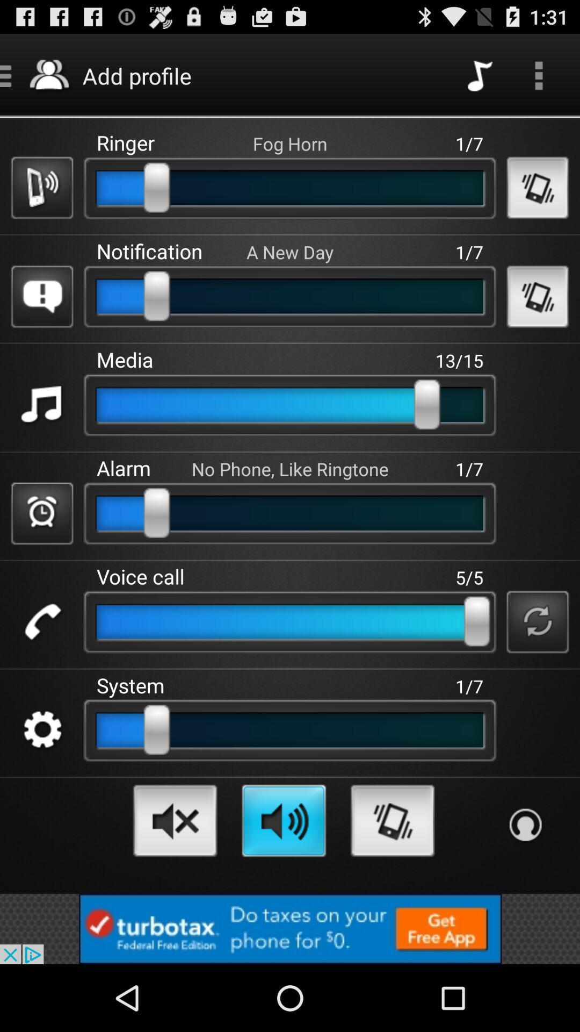 Image resolution: width=580 pixels, height=1032 pixels. What do you see at coordinates (41, 297) in the screenshot?
I see `the notification icon` at bounding box center [41, 297].